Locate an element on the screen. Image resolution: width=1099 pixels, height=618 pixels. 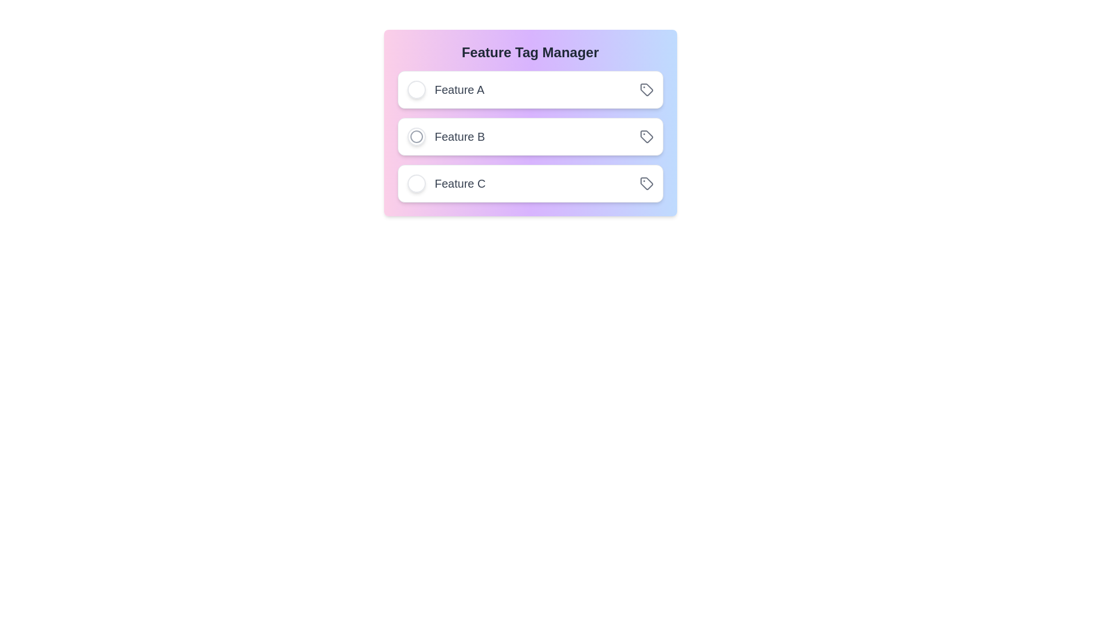
the tag icon indicating tagging functionality, located on the right side of the row associated with 'Feature B.' is located at coordinates (646, 136).